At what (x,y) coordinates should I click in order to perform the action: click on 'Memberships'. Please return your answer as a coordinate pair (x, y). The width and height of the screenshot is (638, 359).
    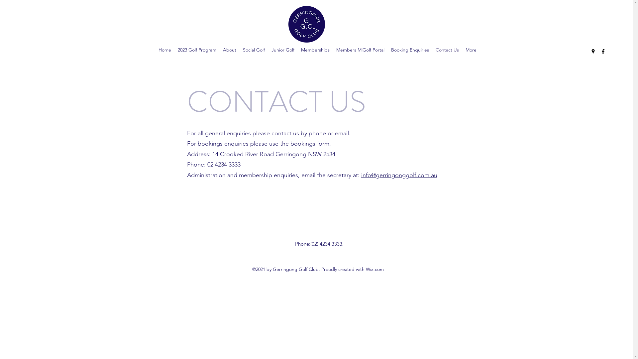
    Looking at the image, I should click on (315, 50).